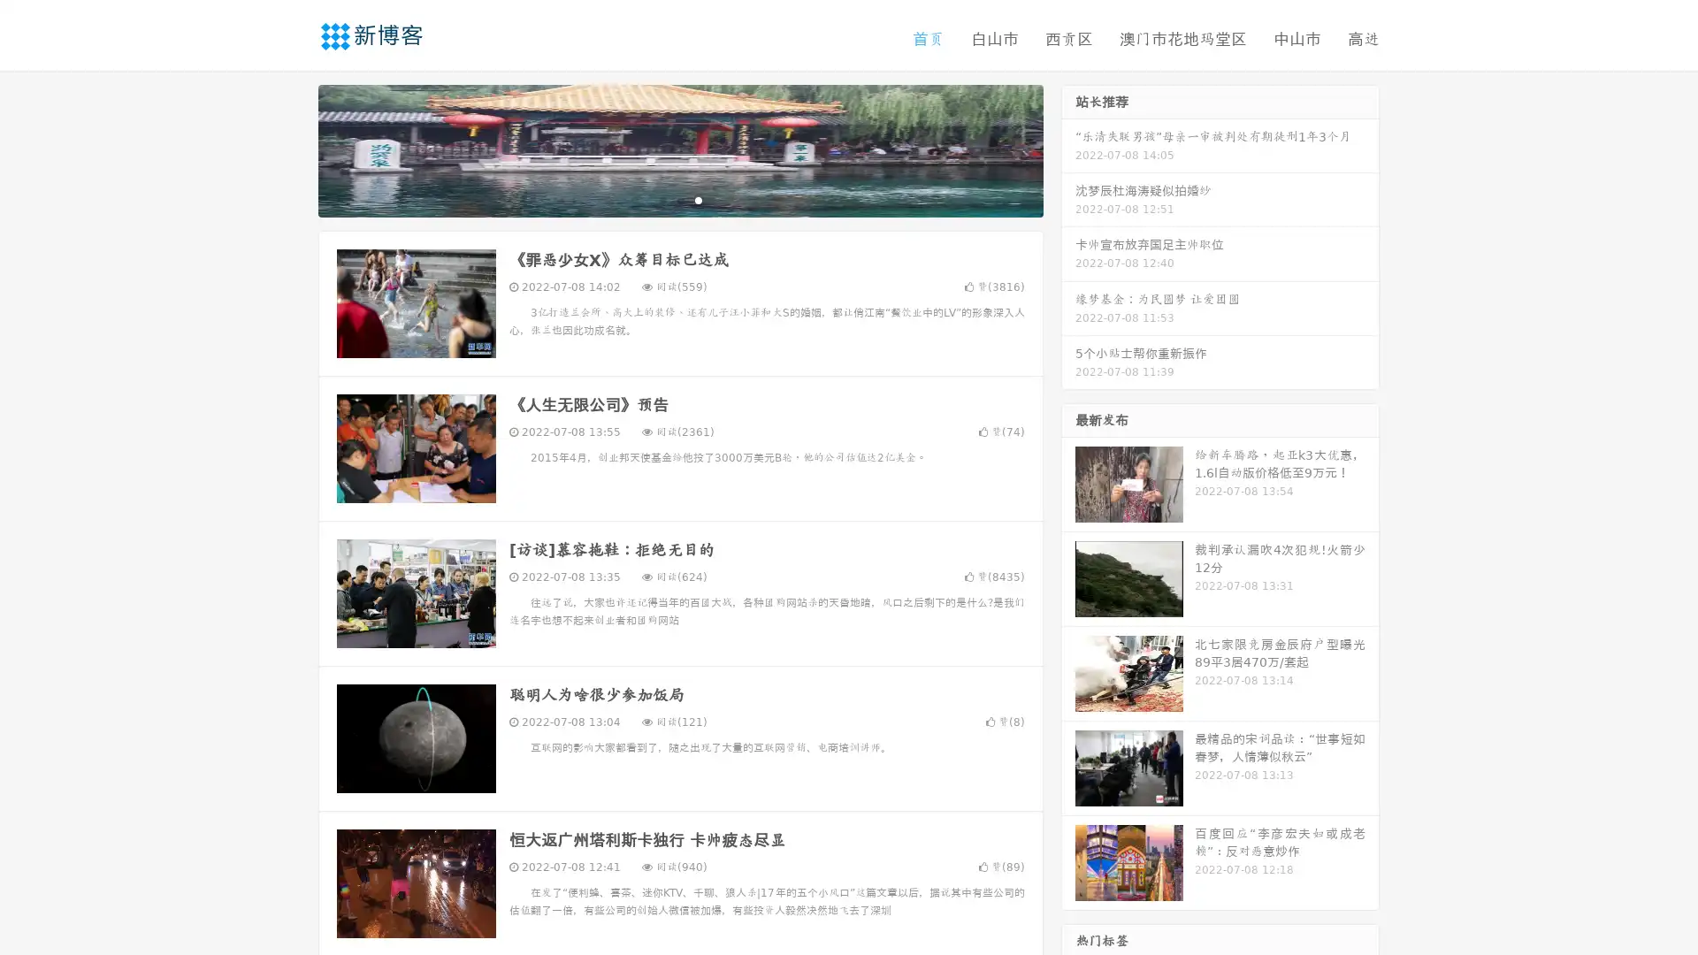 This screenshot has width=1698, height=955. What do you see at coordinates (292, 149) in the screenshot?
I see `Previous slide` at bounding box center [292, 149].